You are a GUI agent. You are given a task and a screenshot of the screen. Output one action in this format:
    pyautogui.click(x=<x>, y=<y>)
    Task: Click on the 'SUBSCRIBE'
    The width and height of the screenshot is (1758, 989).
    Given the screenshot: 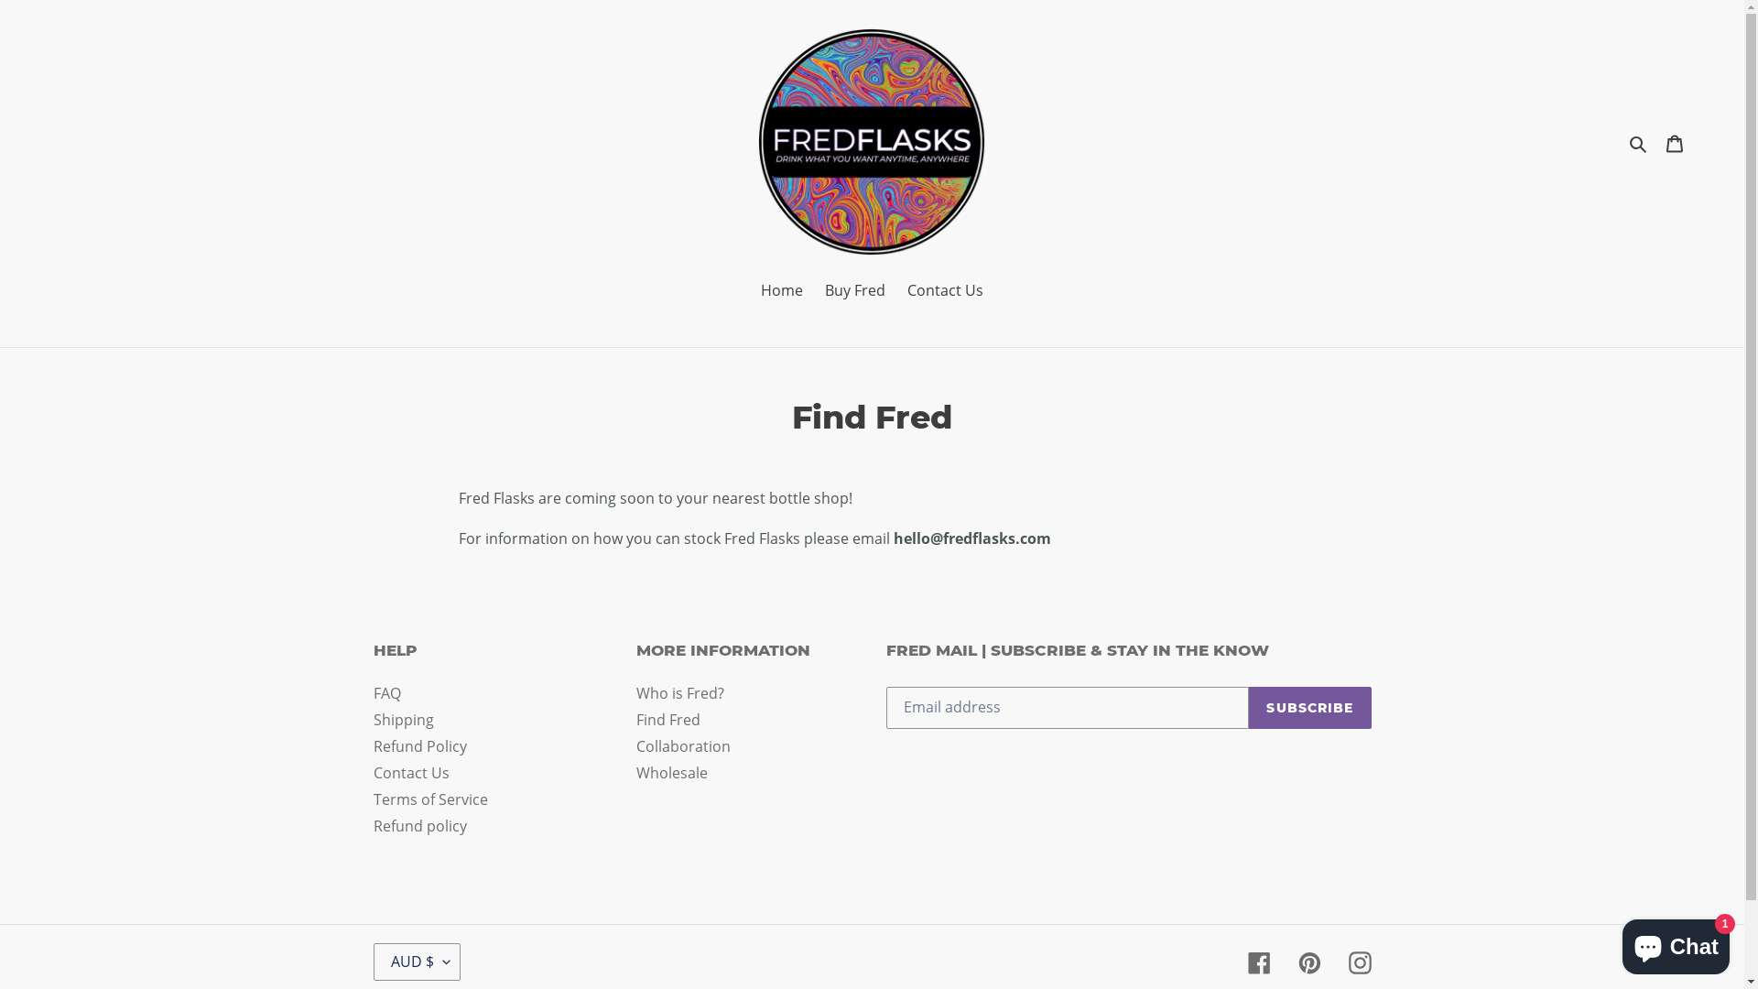 What is the action you would take?
    pyautogui.click(x=1308, y=706)
    